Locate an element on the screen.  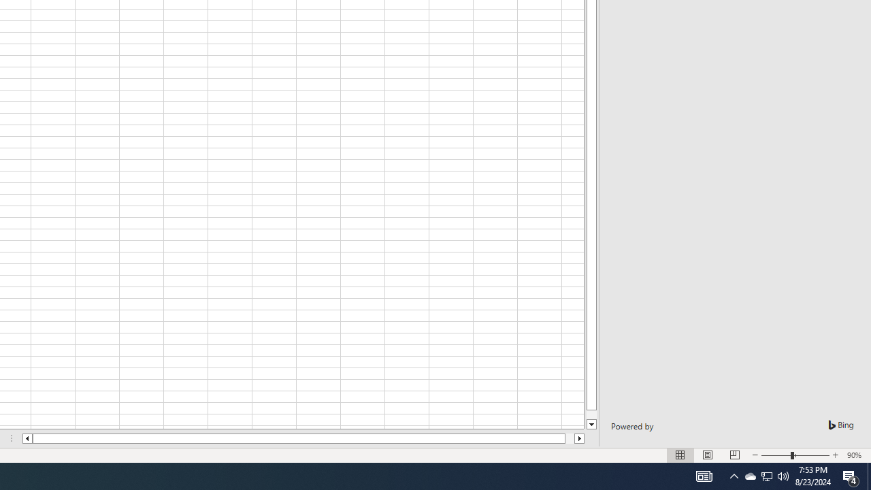
'Class: NetUIScrollBar' is located at coordinates (303, 438).